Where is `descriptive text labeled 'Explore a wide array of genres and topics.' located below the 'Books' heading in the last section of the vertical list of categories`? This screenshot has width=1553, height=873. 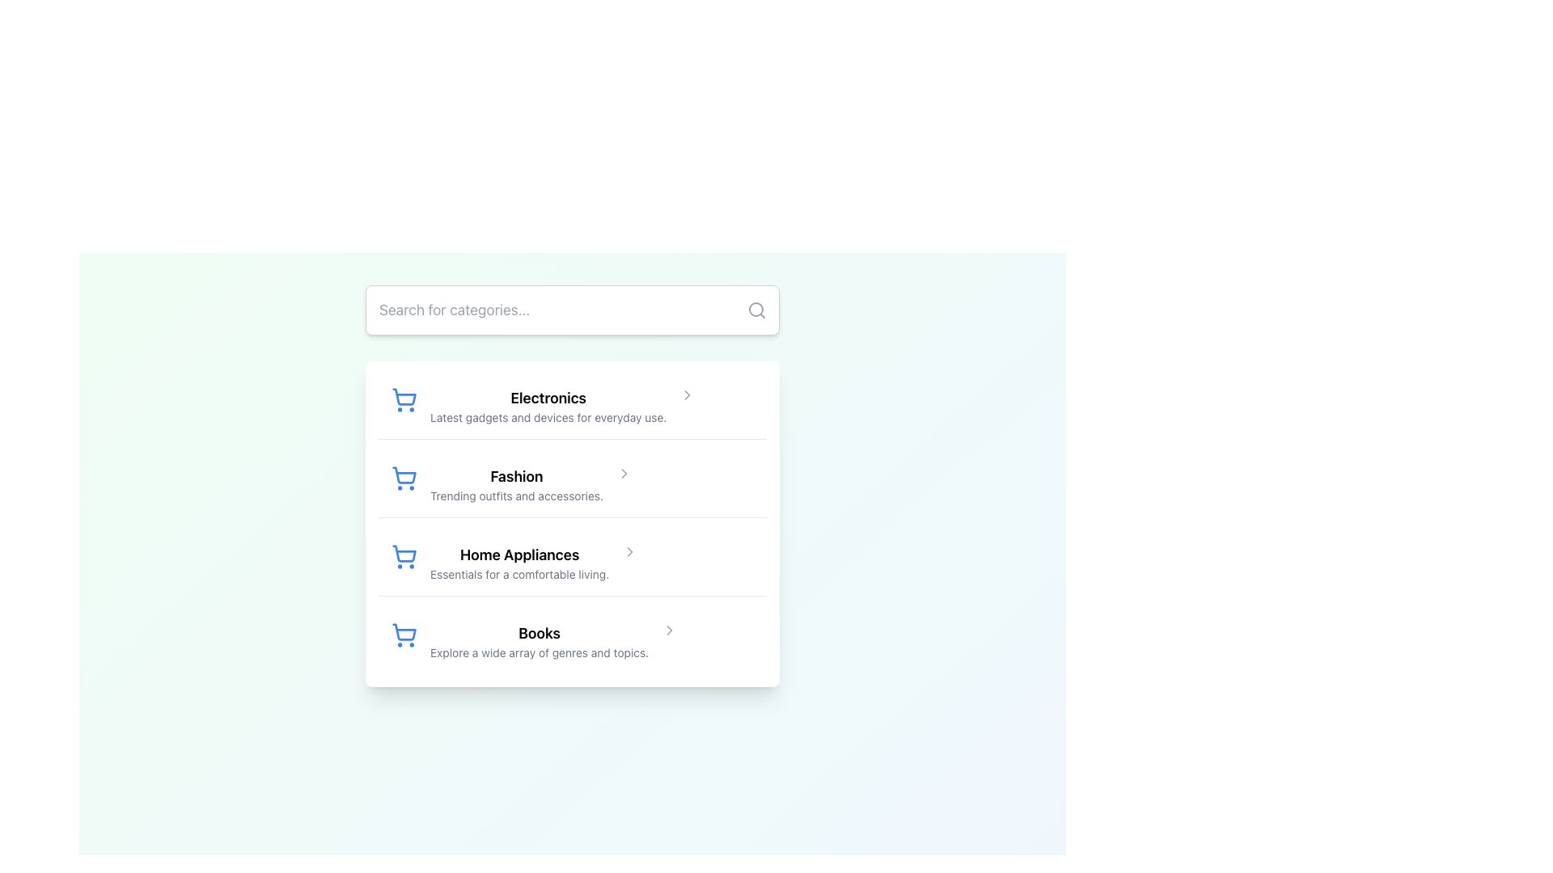
descriptive text labeled 'Explore a wide array of genres and topics.' located below the 'Books' heading in the last section of the vertical list of categories is located at coordinates (540, 652).